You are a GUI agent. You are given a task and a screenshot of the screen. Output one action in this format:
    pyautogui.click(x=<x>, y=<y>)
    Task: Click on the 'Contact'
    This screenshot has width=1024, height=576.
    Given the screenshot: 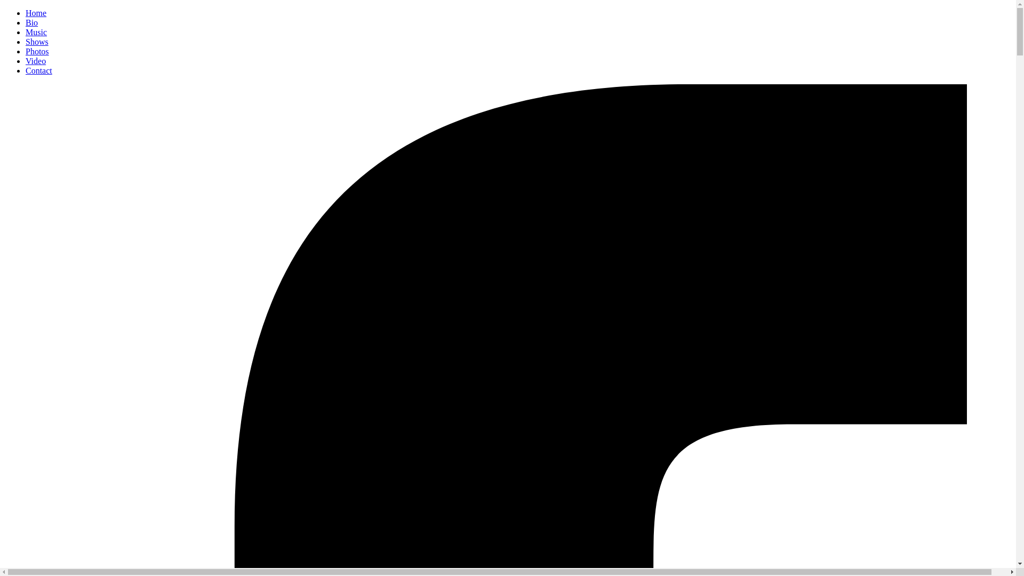 What is the action you would take?
    pyautogui.click(x=38, y=70)
    